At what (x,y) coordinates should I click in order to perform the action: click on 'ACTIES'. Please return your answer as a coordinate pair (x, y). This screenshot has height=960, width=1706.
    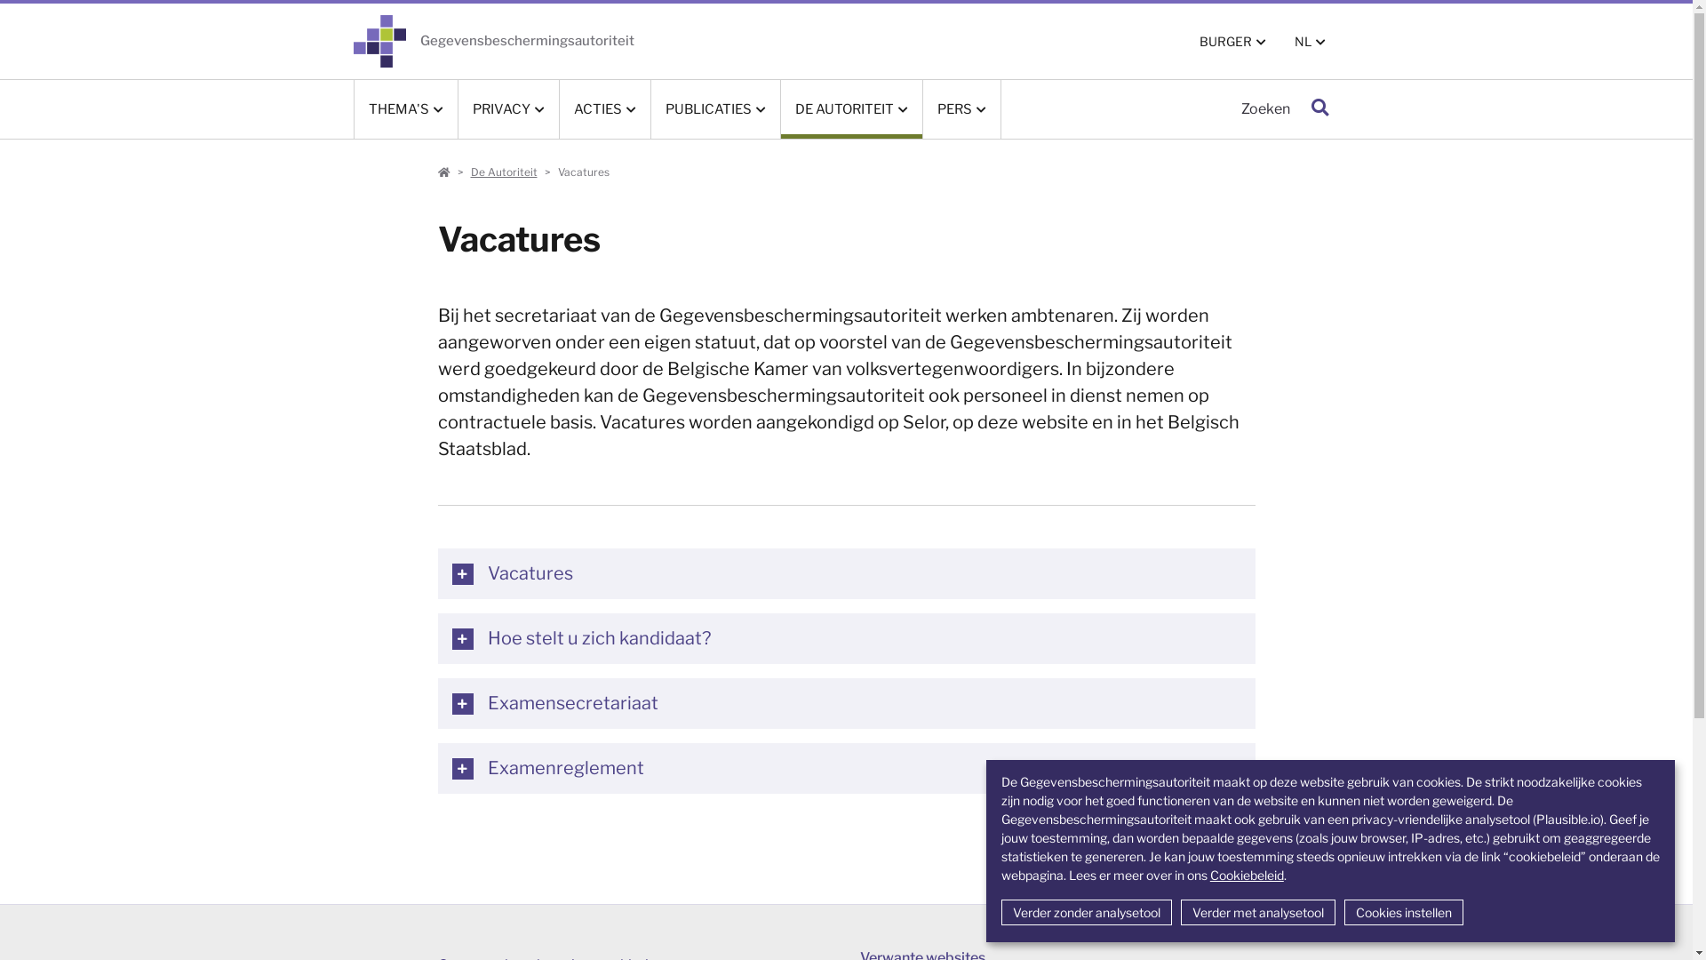
    Looking at the image, I should click on (558, 109).